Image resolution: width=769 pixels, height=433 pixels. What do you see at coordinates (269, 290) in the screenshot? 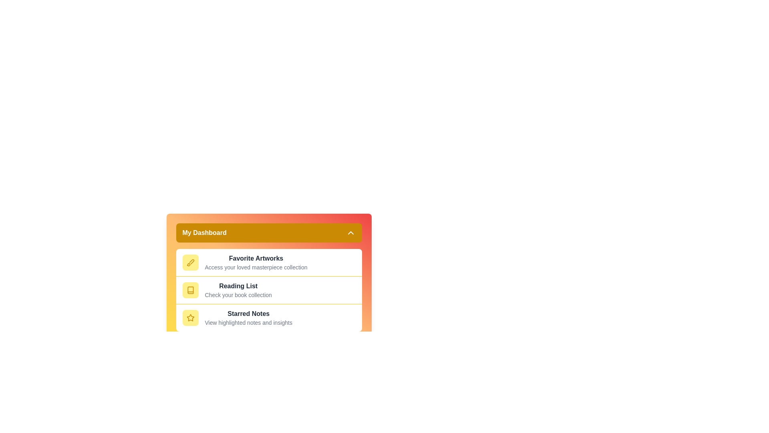
I see `the 'Reading List' item in the card layout by left-clicking on it` at bounding box center [269, 290].